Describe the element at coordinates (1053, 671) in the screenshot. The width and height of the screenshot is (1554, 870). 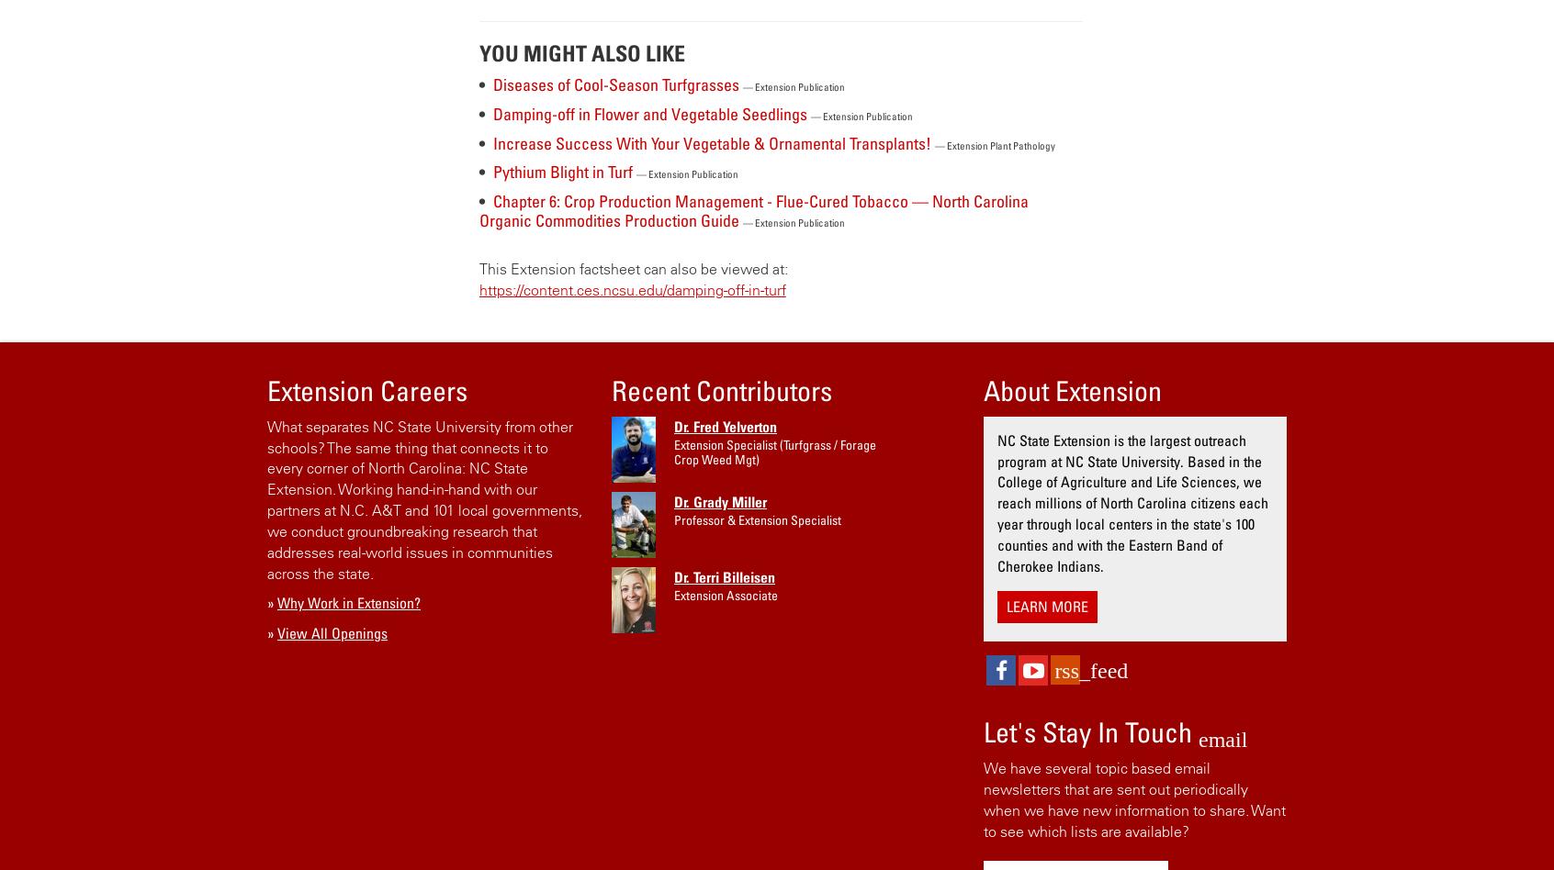
I see `'rss_feed'` at that location.